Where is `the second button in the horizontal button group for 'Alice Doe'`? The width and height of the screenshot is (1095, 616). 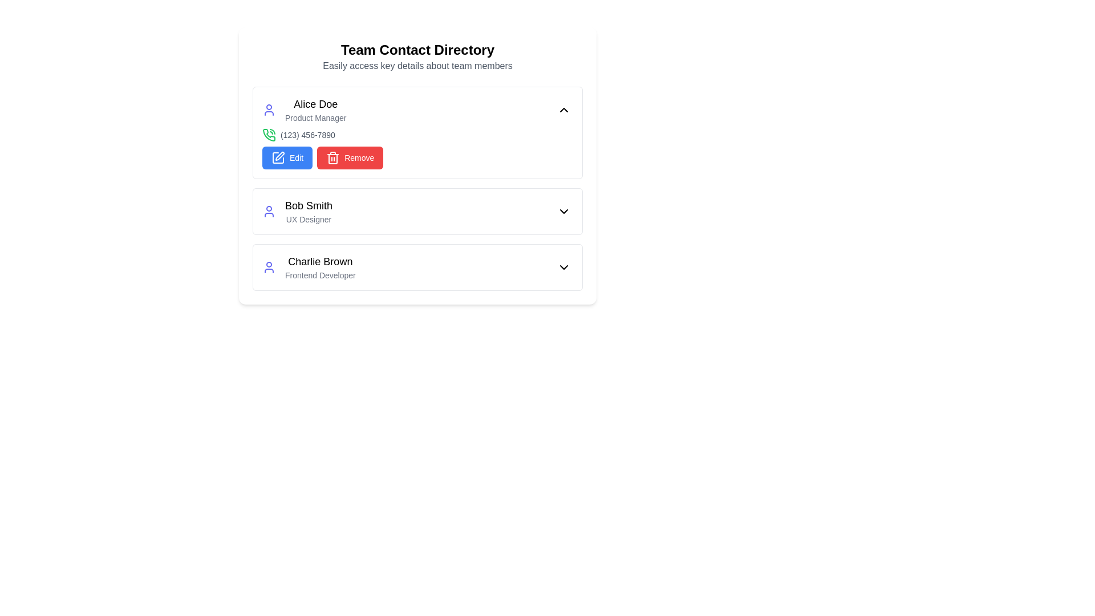
the second button in the horizontal button group for 'Alice Doe' is located at coordinates (350, 158).